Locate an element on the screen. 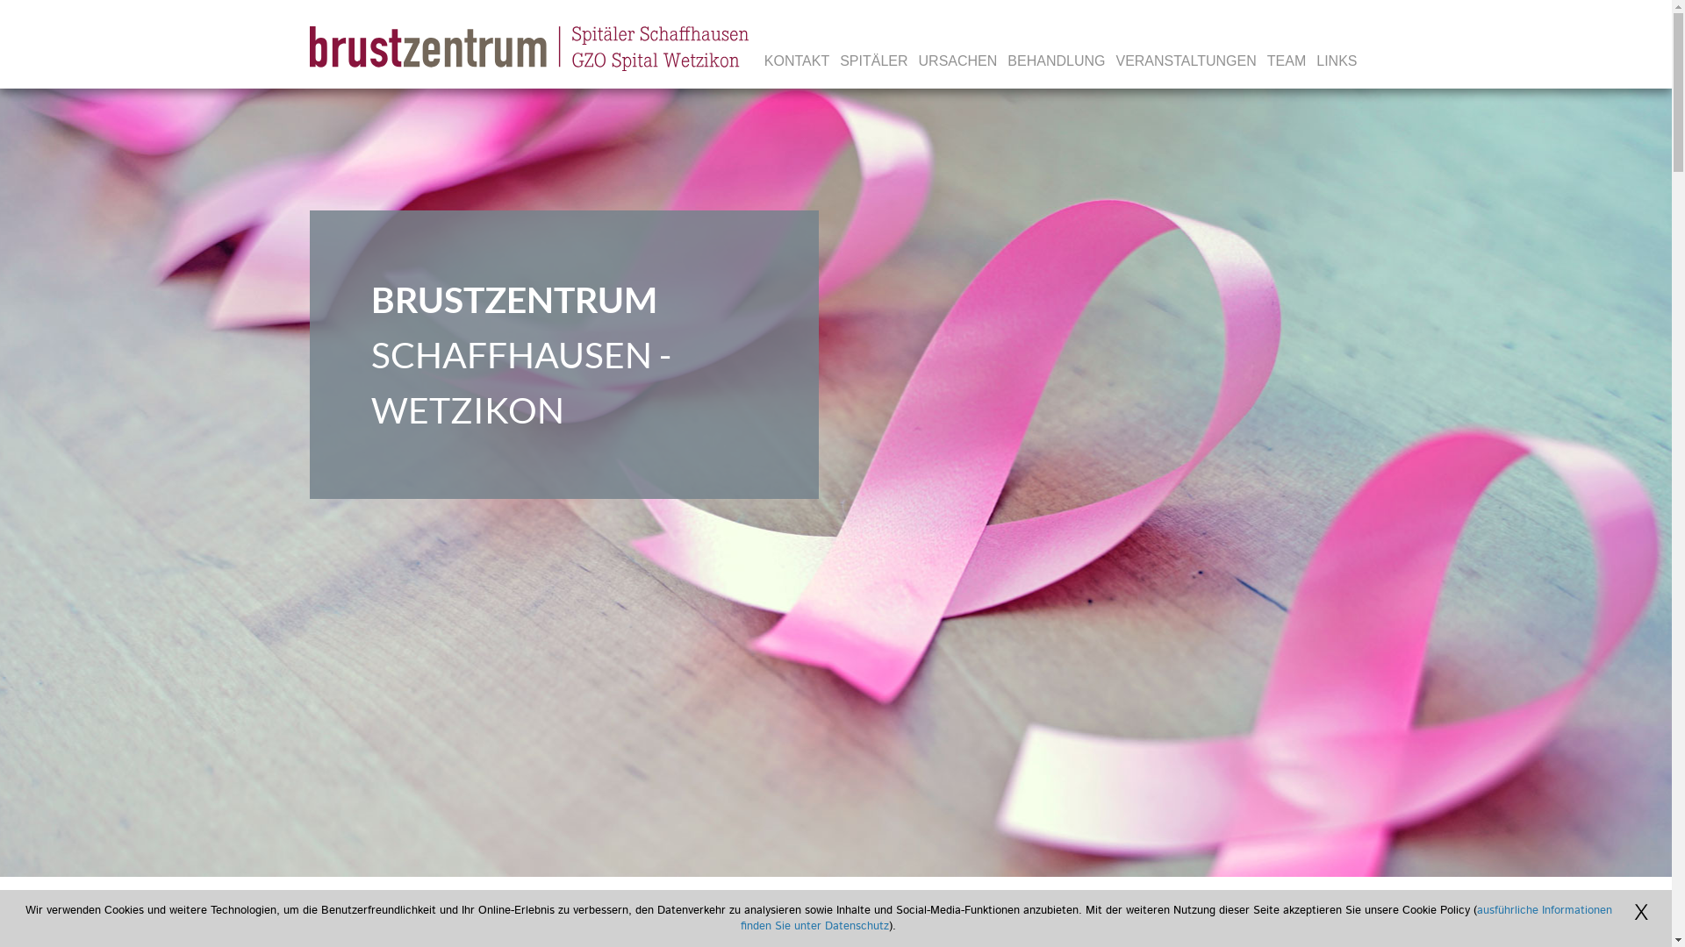 This screenshot has height=947, width=1685. 'LINKS' is located at coordinates (1310, 60).